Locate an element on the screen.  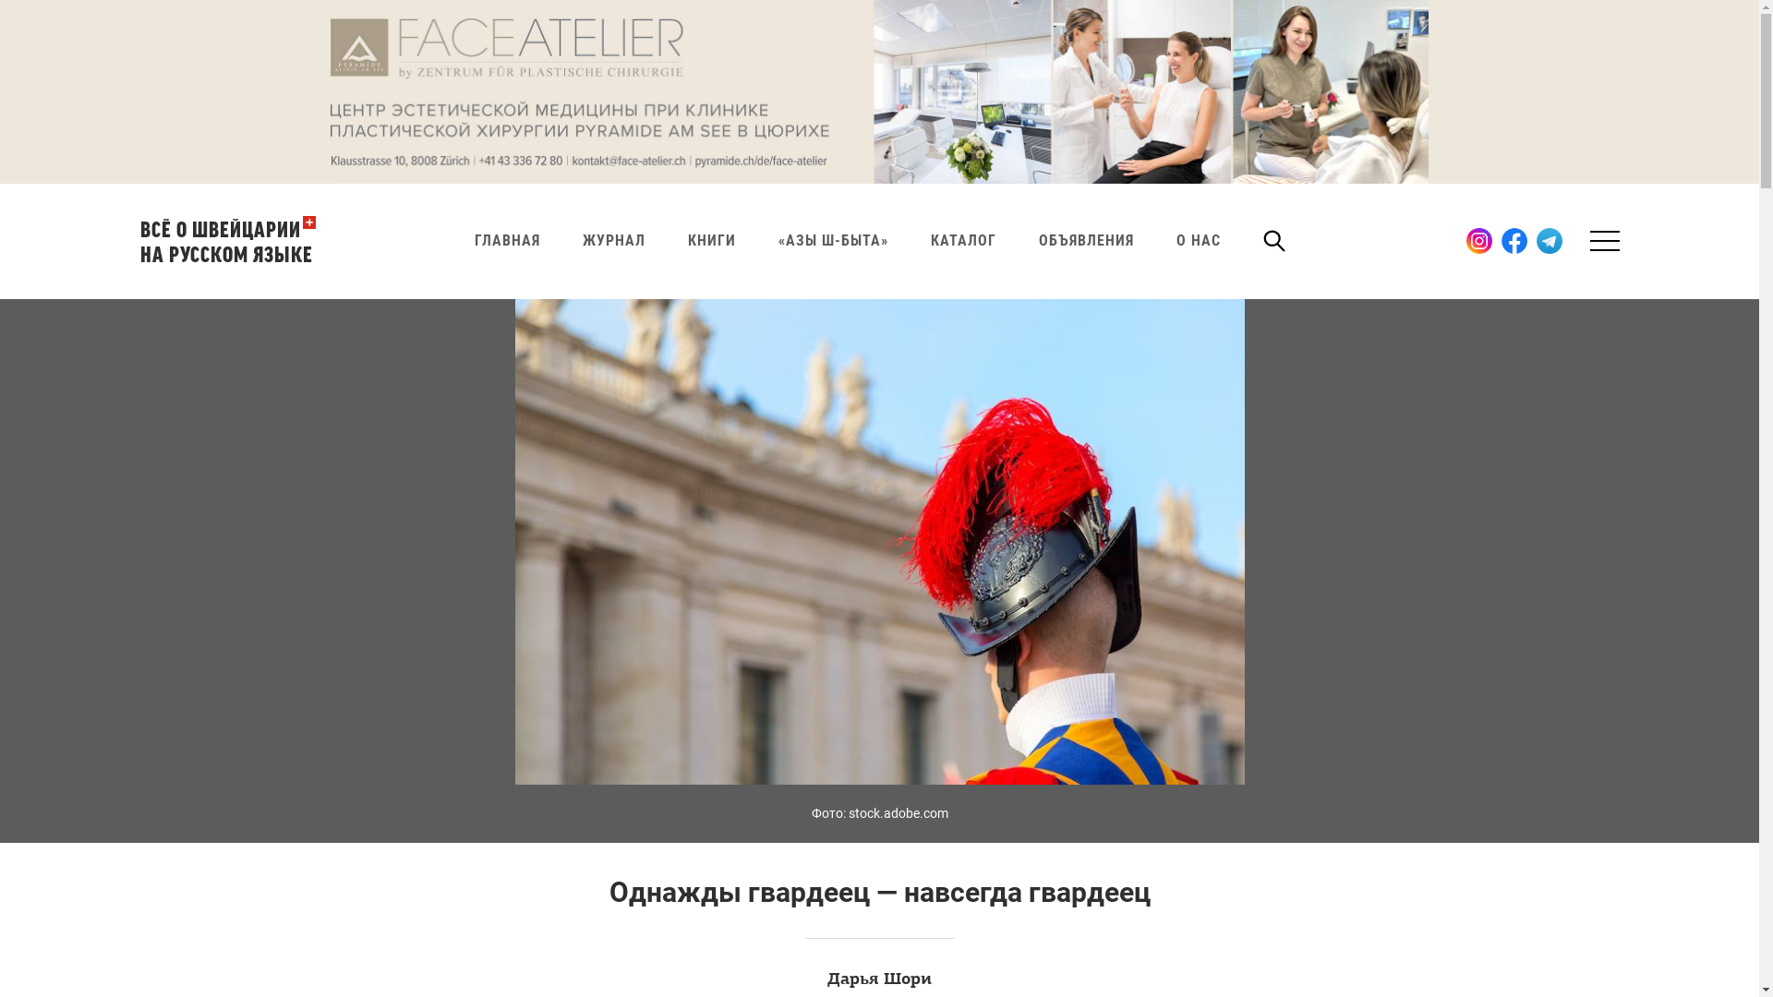
'Facebook' is located at coordinates (1514, 240).